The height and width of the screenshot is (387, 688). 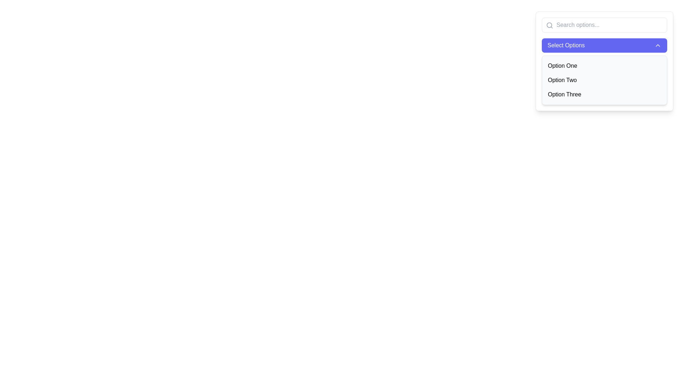 I want to click on the third selectable option in the dropdown menu labeled 'Option Three', so click(x=604, y=94).